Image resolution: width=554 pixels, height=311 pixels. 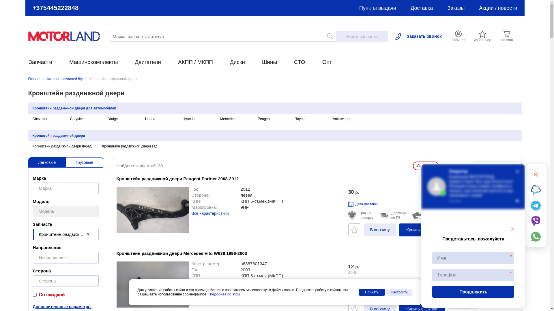 What do you see at coordinates (76, 118) in the screenshot?
I see `'Chrysler'` at bounding box center [76, 118].